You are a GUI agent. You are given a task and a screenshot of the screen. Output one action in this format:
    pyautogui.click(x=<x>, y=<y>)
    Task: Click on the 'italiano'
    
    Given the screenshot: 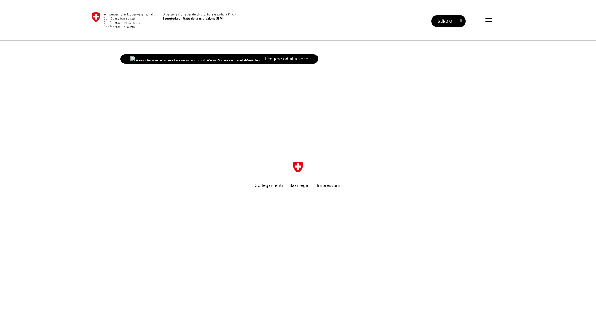 What is the action you would take?
    pyautogui.click(x=448, y=21)
    